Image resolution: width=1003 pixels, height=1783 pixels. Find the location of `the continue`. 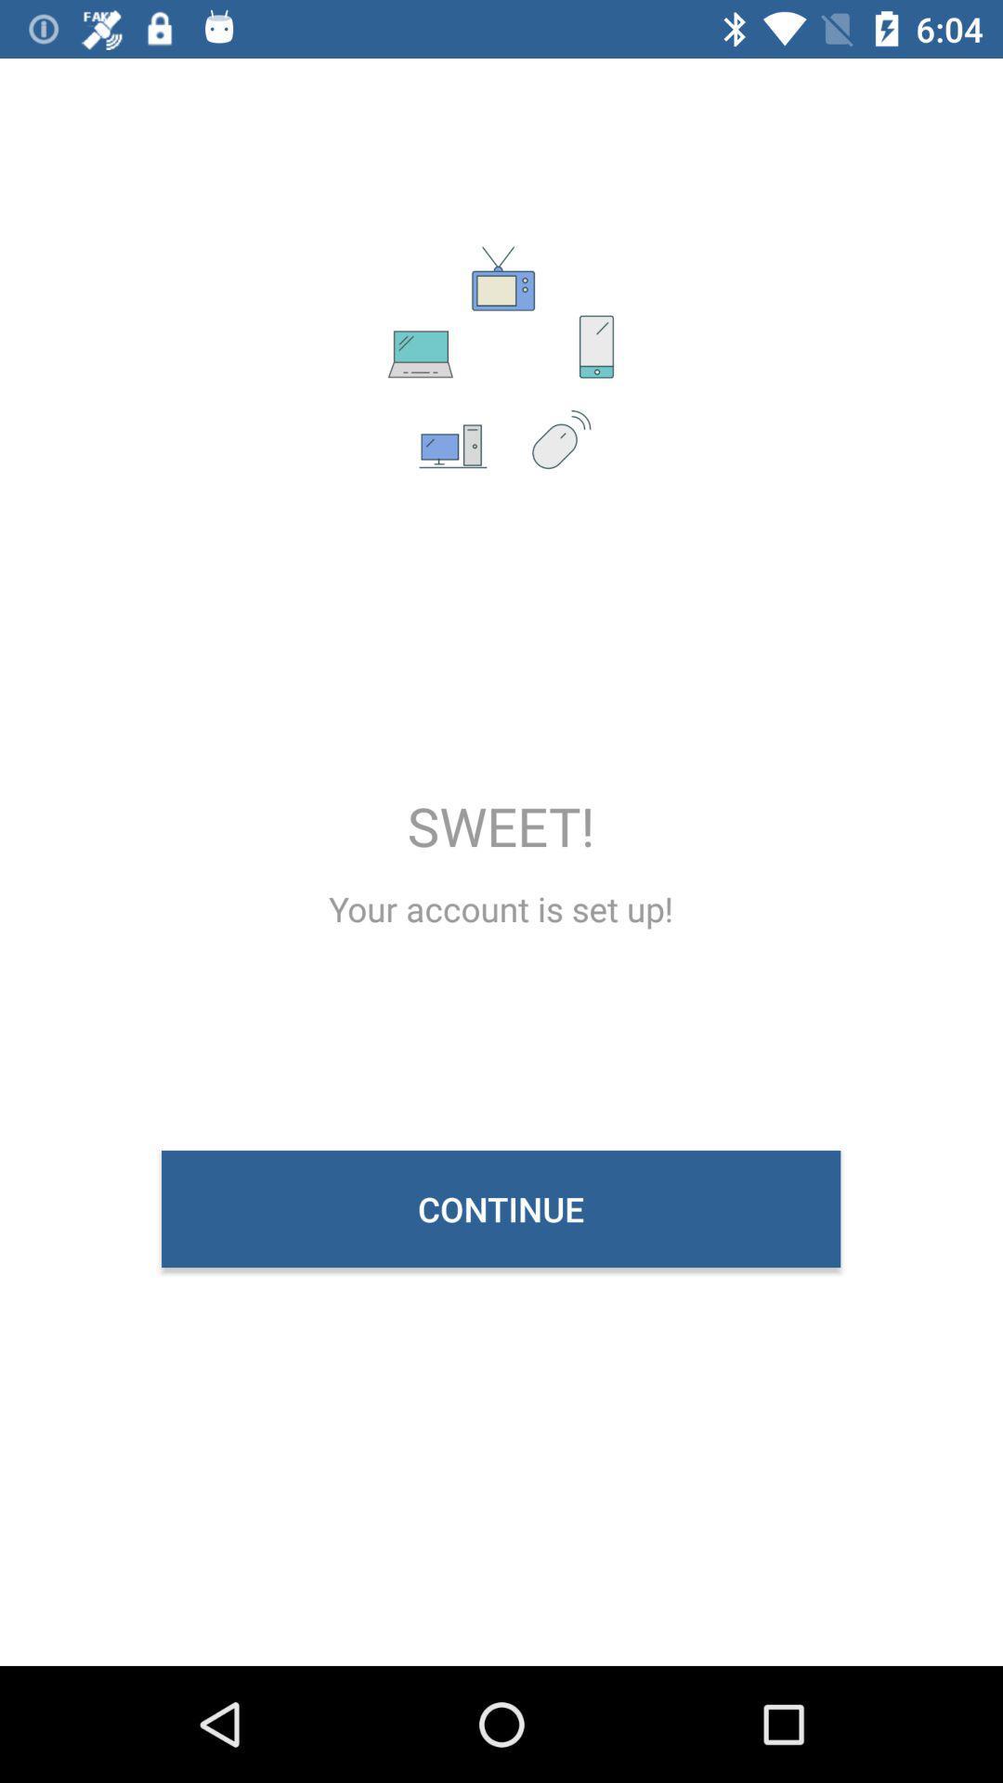

the continue is located at coordinates (500, 1208).